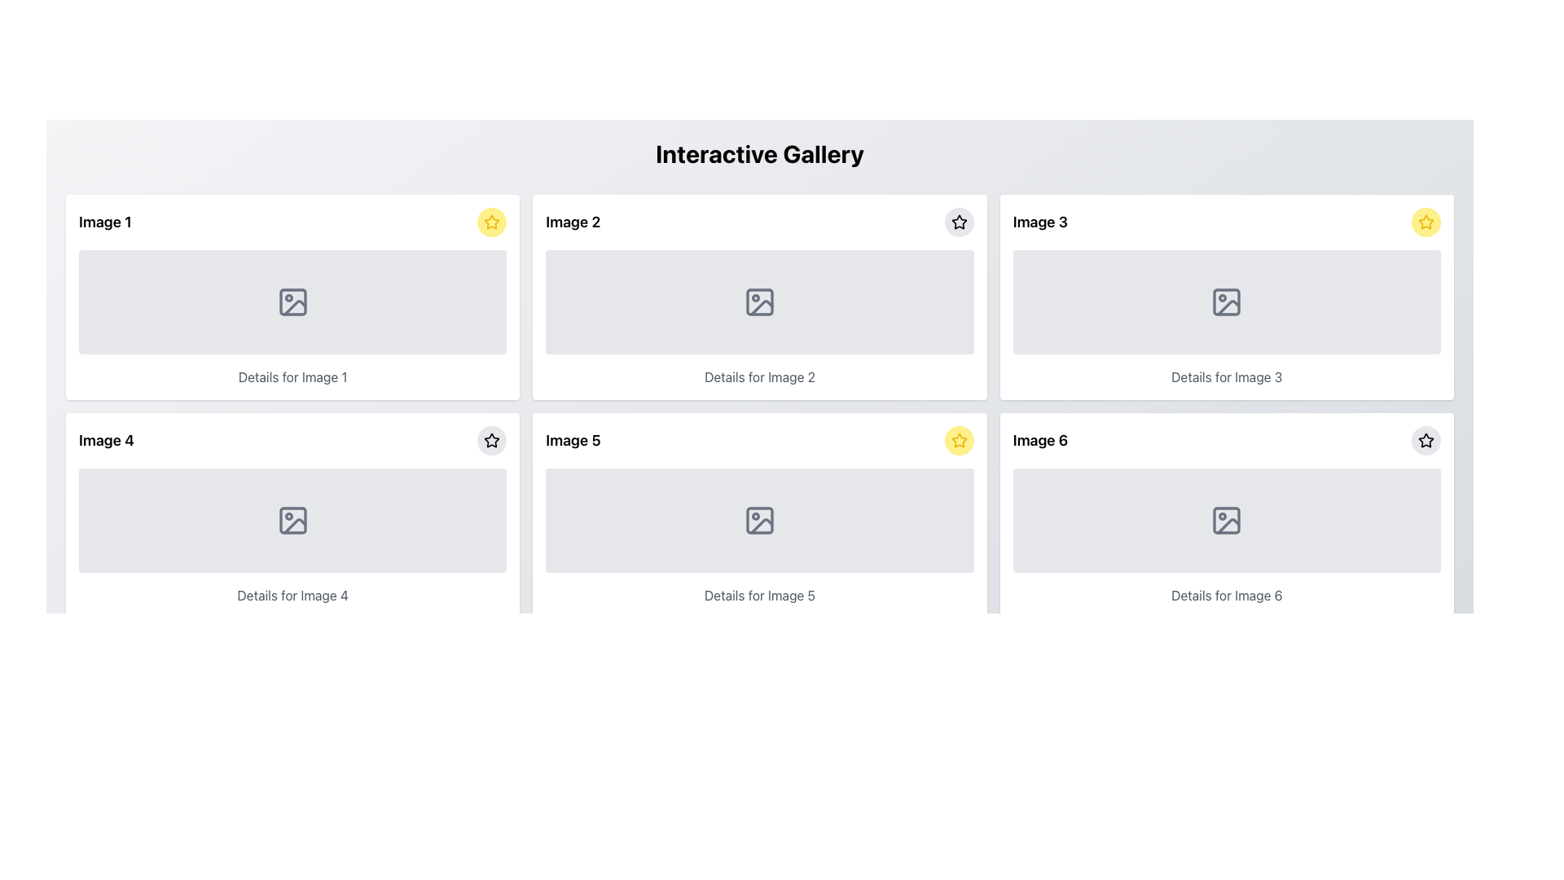 Image resolution: width=1564 pixels, height=880 pixels. I want to click on the image placeholder located in the bottom-right section of the 'Interactive Gallery', specifically in the tile labeled 'Image 6', so click(1227, 521).